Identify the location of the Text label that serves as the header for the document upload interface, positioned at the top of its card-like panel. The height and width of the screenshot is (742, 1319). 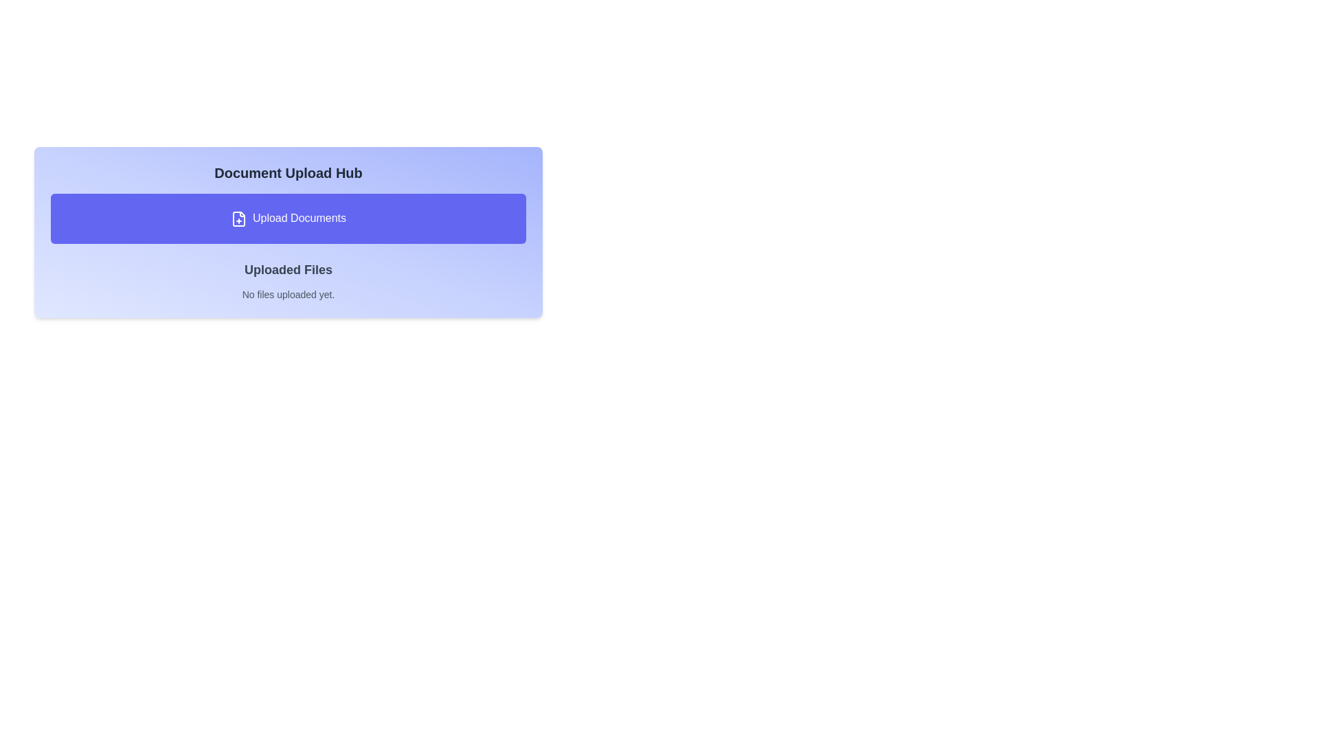
(288, 172).